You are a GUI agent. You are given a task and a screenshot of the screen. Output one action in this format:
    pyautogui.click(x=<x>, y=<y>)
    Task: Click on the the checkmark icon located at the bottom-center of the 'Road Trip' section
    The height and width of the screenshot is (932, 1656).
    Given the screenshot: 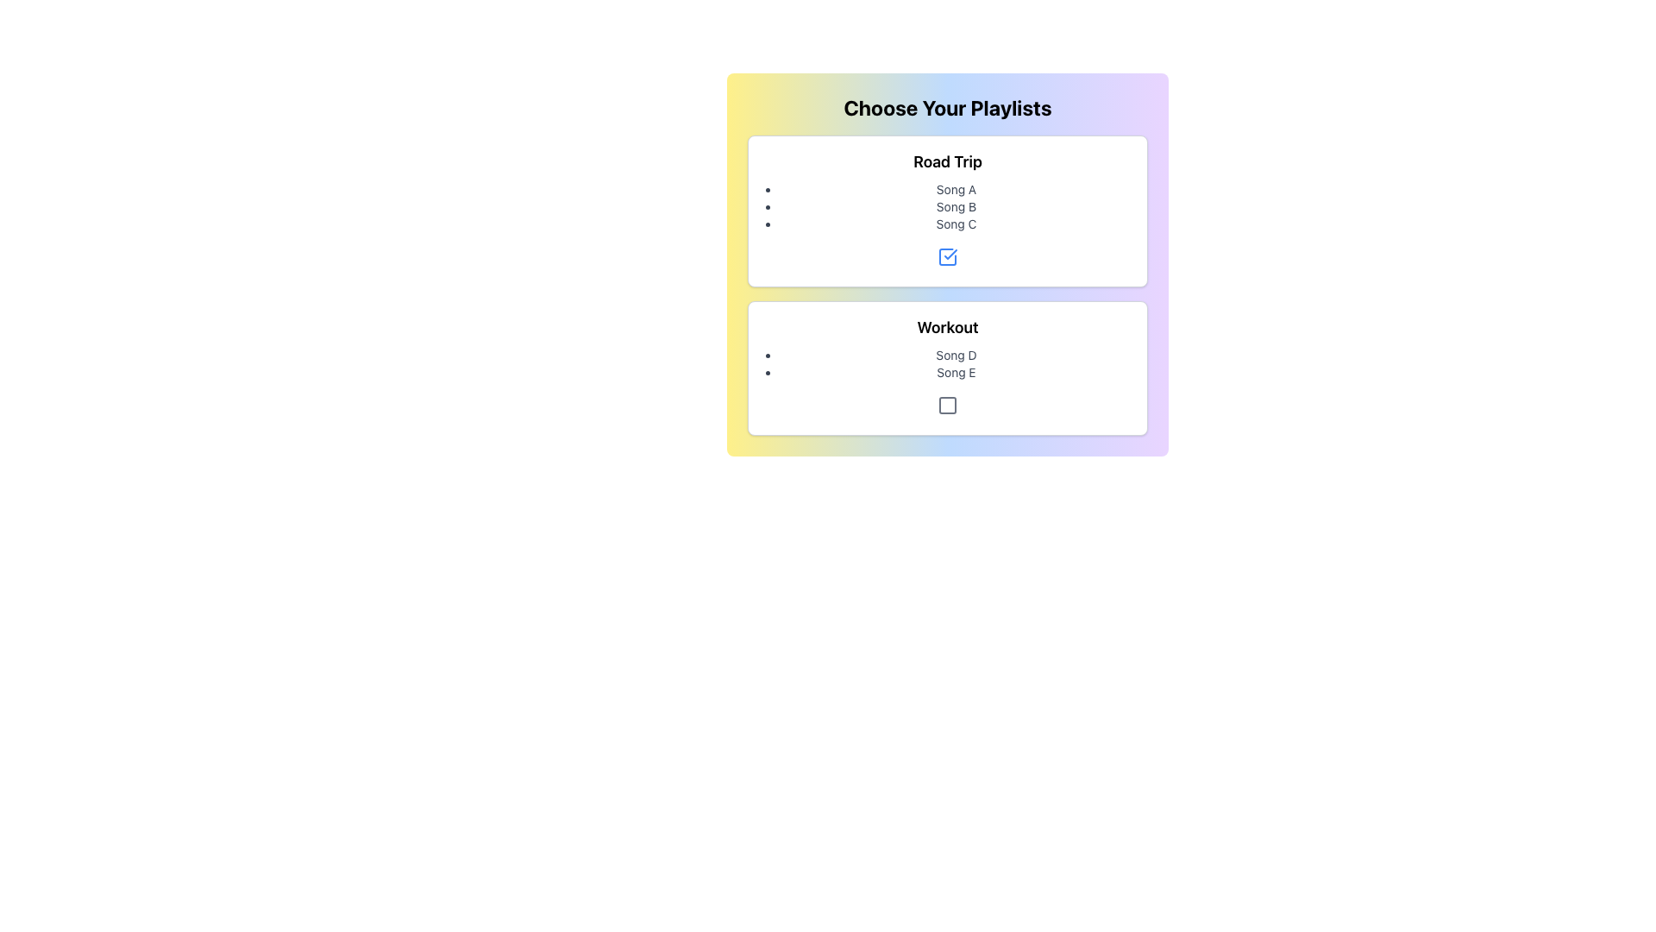 What is the action you would take?
    pyautogui.click(x=950, y=254)
    